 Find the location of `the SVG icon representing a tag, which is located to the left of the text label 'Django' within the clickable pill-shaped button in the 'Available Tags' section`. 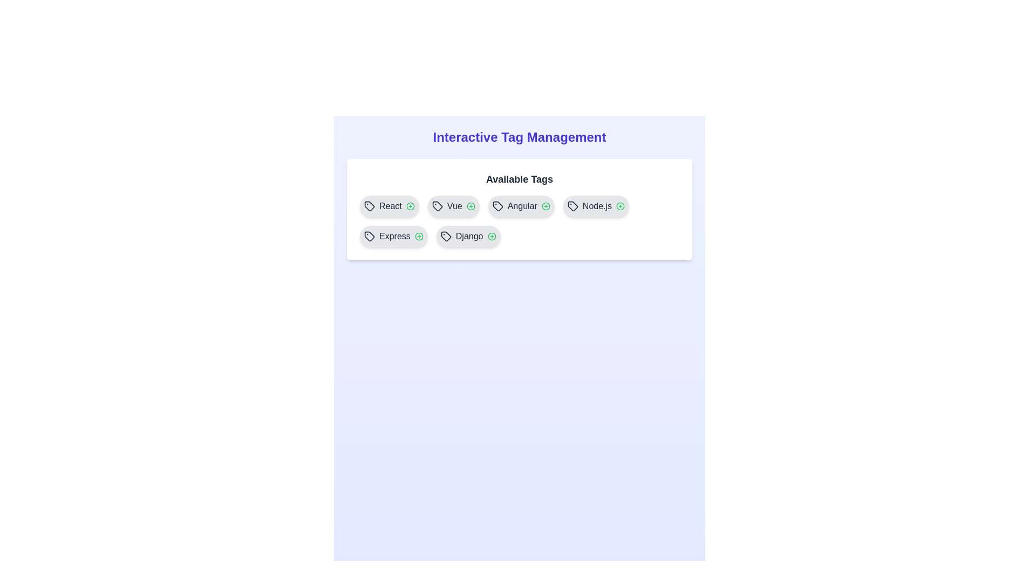

the SVG icon representing a tag, which is located to the left of the text label 'Django' within the clickable pill-shaped button in the 'Available Tags' section is located at coordinates (446, 236).